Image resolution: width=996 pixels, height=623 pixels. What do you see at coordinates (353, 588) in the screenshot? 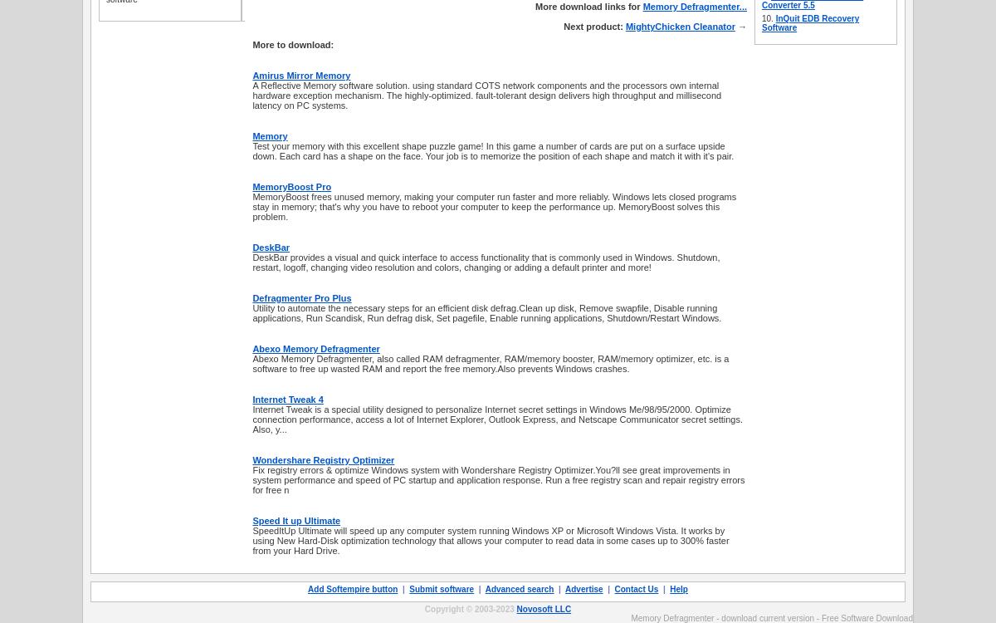
I see `'Add Softempire button'` at bounding box center [353, 588].